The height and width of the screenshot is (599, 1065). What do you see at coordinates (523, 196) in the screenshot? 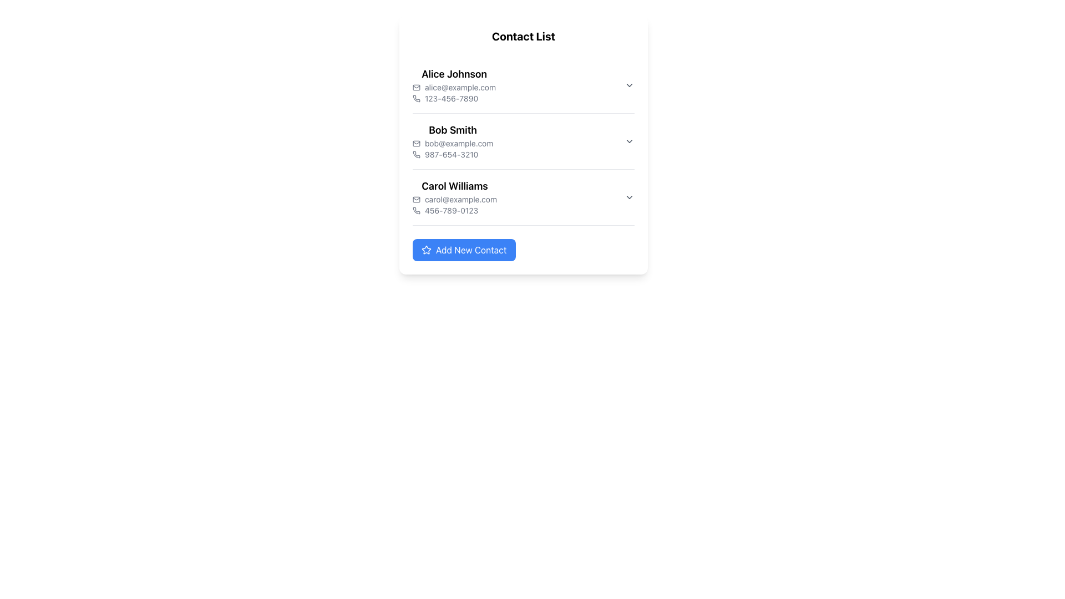
I see `the dropdown arrow of the third contact entry in the contact list` at bounding box center [523, 196].